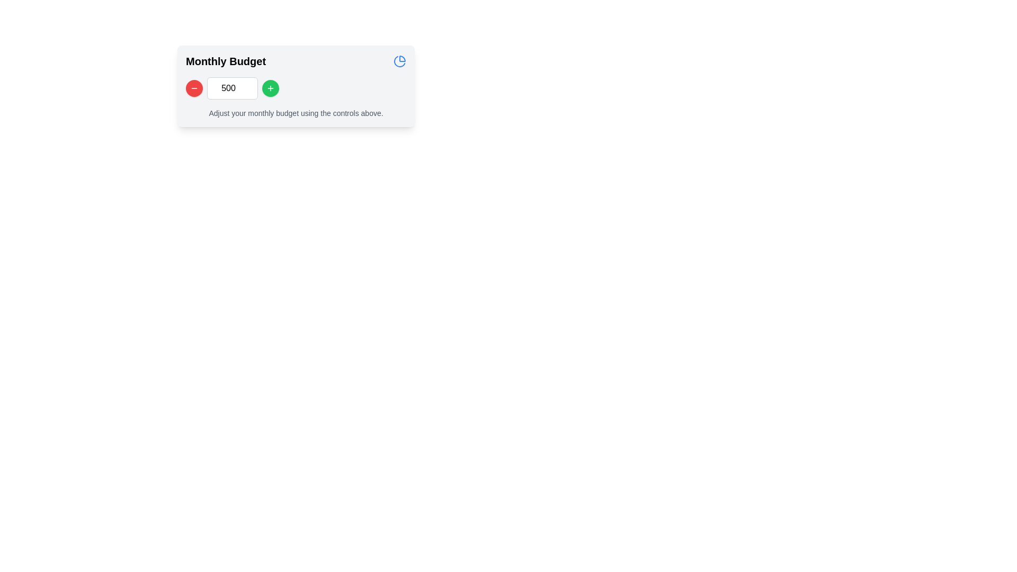 The width and height of the screenshot is (1017, 572). What do you see at coordinates (270, 87) in the screenshot?
I see `the plus sign button located to the right of the central number input box in the 'Monthly Budget' interface` at bounding box center [270, 87].